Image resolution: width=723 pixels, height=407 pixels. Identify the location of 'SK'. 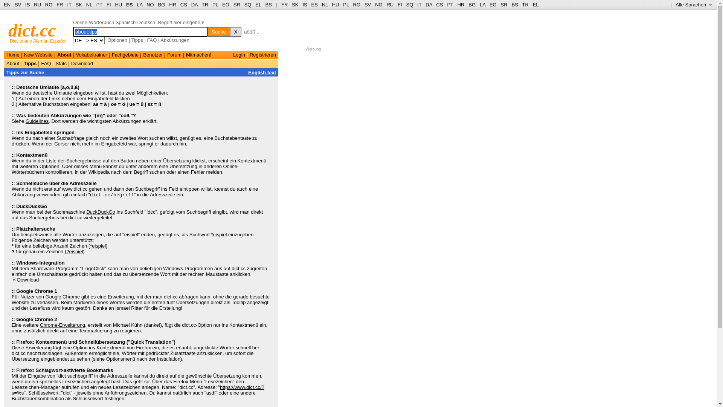
(79, 5).